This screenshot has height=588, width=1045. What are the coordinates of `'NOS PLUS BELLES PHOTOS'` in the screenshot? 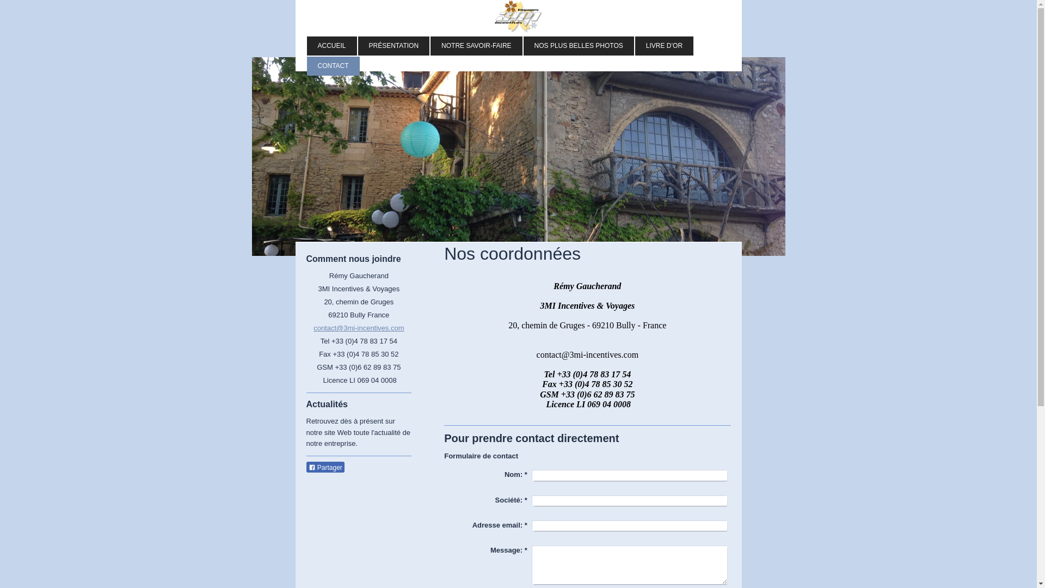 It's located at (578, 45).